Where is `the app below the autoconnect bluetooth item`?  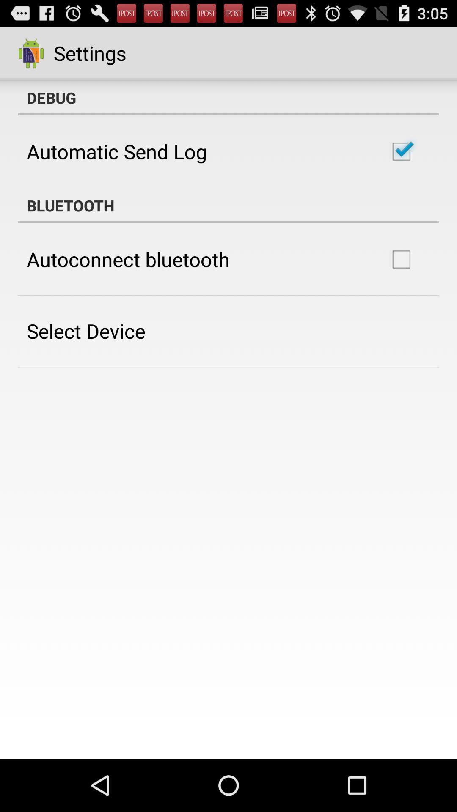
the app below the autoconnect bluetooth item is located at coordinates (86, 330).